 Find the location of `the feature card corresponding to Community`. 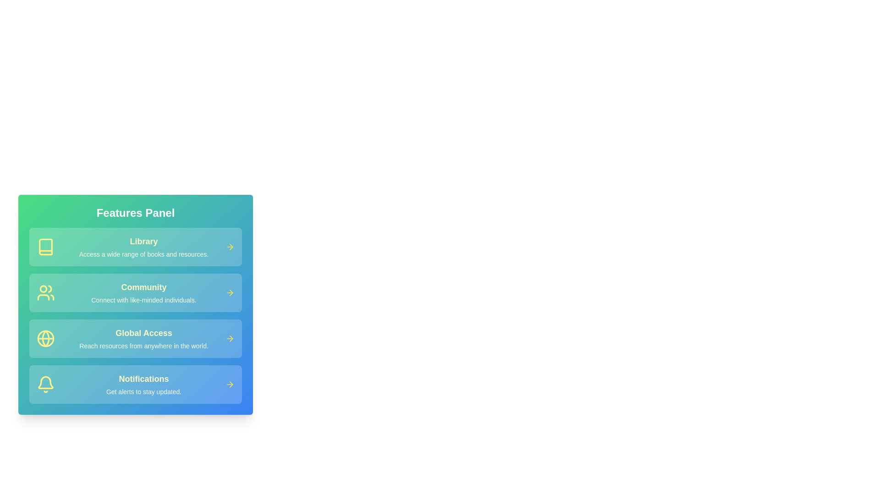

the feature card corresponding to Community is located at coordinates (135, 293).